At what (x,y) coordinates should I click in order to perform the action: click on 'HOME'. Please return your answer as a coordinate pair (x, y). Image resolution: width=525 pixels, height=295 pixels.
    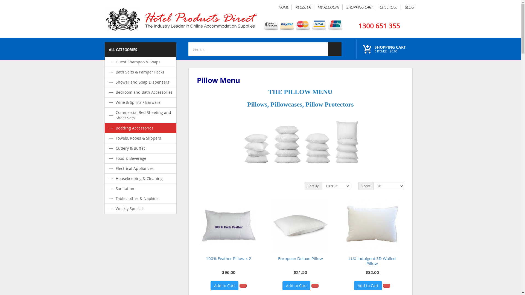
    Looking at the image, I should click on (283, 7).